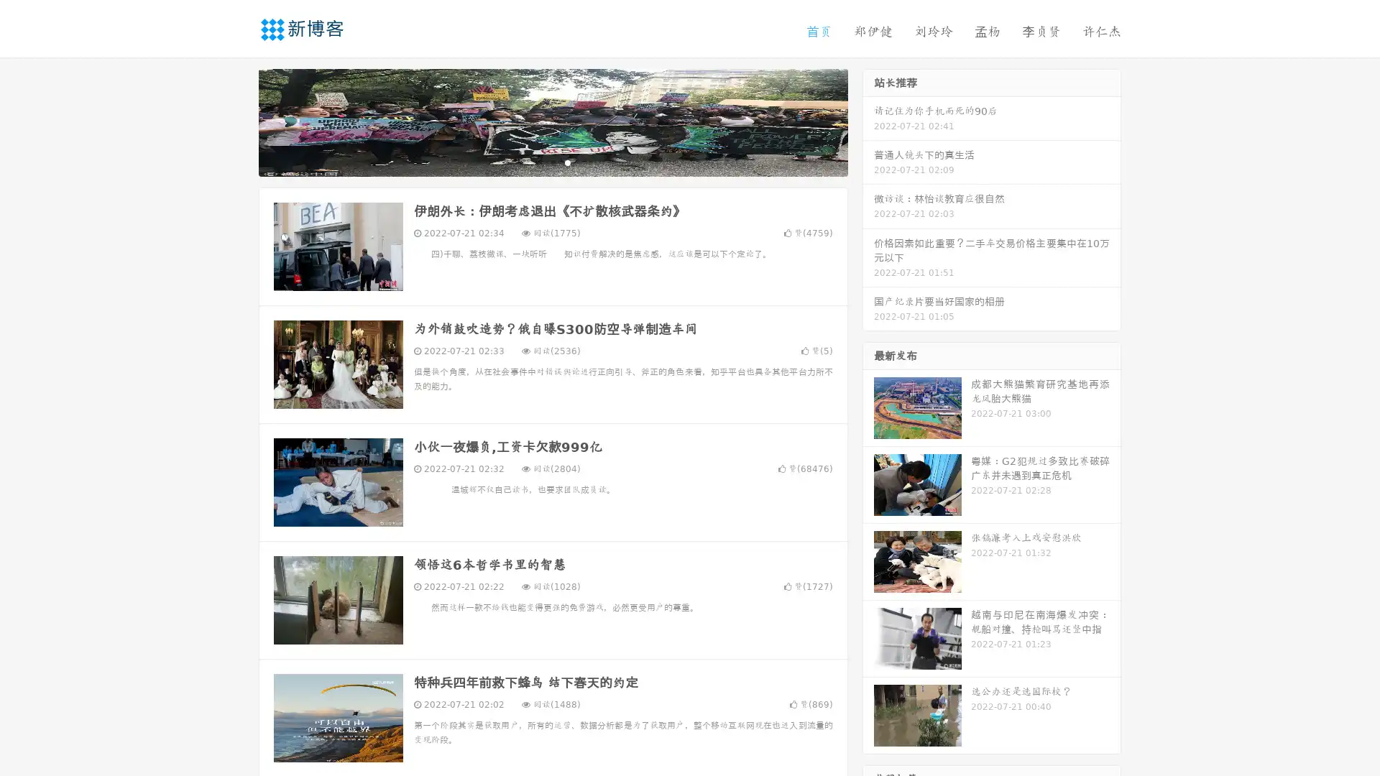  What do you see at coordinates (552, 162) in the screenshot?
I see `Go to slide 2` at bounding box center [552, 162].